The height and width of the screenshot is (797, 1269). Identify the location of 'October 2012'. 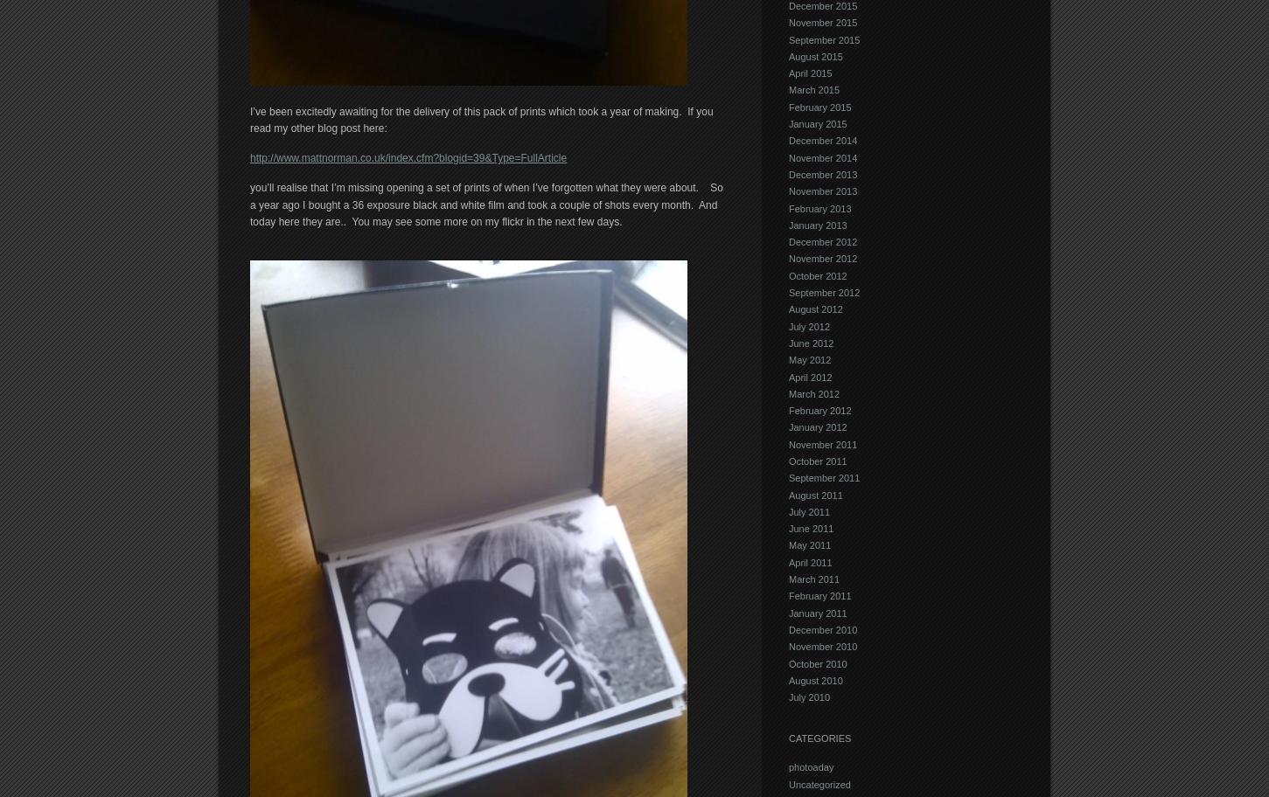
(818, 275).